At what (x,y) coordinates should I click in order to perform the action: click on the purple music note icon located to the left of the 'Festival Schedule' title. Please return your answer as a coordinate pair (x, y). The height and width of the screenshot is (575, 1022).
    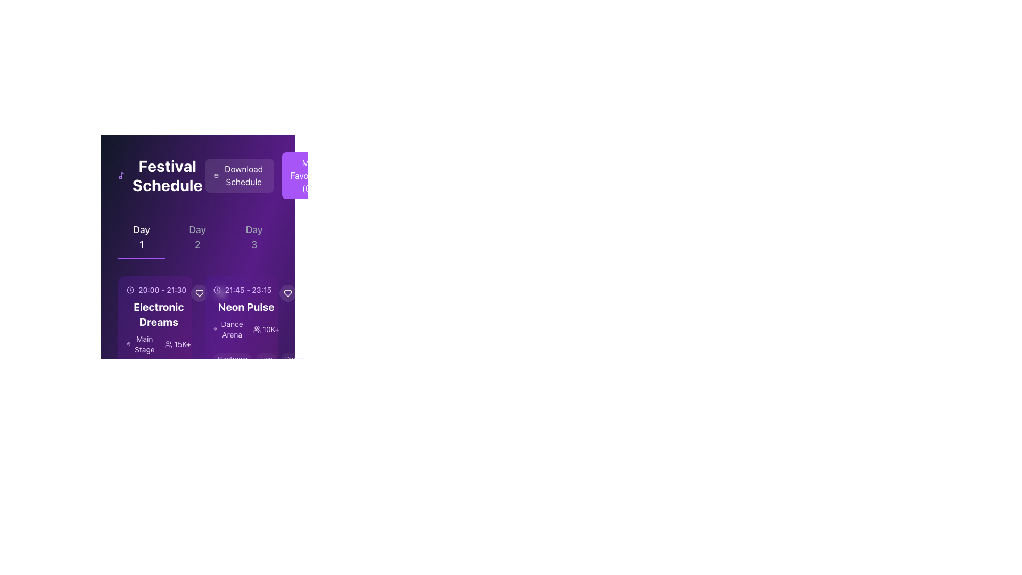
    Looking at the image, I should click on (121, 175).